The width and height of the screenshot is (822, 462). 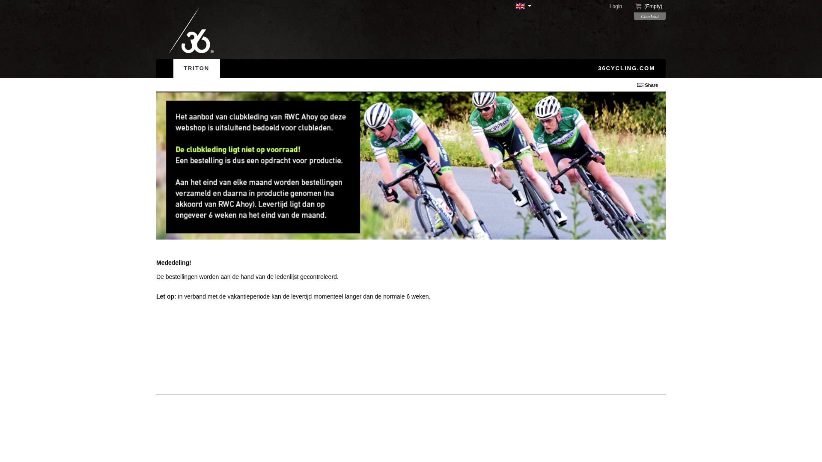 I want to click on 'Checkout', so click(x=634, y=16).